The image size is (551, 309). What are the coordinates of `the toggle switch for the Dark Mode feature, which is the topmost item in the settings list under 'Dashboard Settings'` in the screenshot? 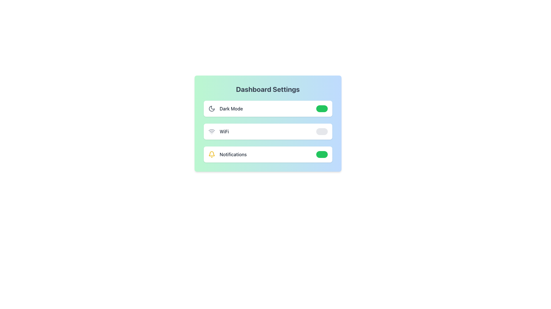 It's located at (267, 109).